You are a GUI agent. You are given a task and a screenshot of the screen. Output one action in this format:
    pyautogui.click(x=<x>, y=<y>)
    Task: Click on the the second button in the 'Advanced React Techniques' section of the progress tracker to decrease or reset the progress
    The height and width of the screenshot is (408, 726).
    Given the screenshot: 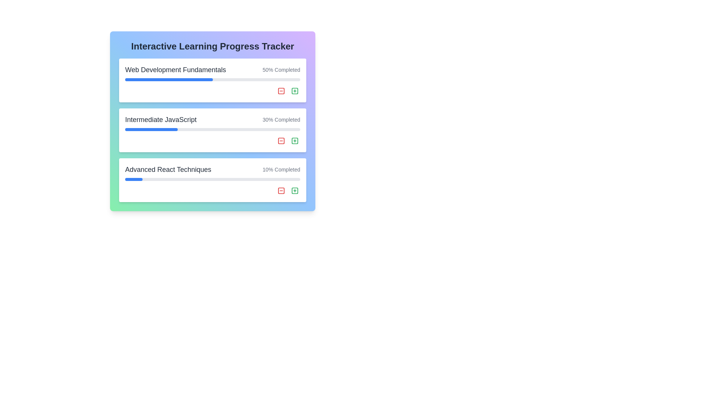 What is the action you would take?
    pyautogui.click(x=281, y=190)
    